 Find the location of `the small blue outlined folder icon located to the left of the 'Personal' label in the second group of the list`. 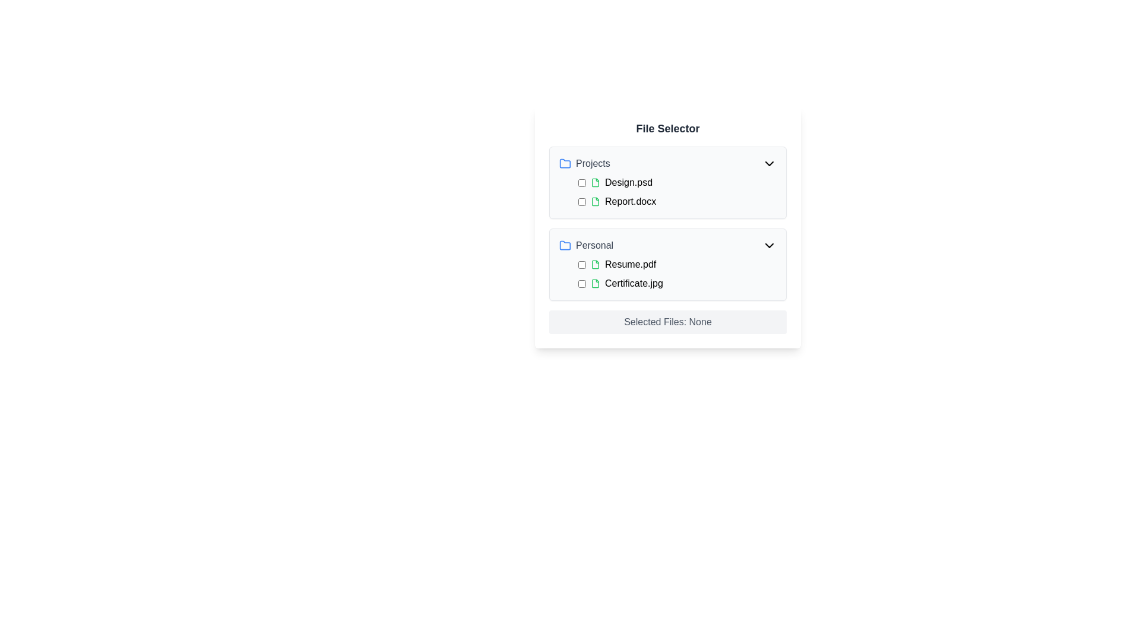

the small blue outlined folder icon located to the left of the 'Personal' label in the second group of the list is located at coordinates (564, 245).